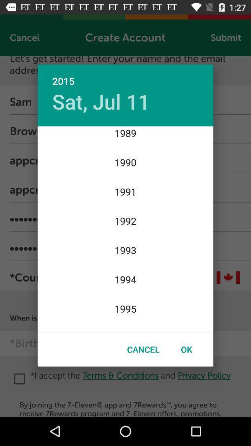 This screenshot has width=251, height=446. Describe the element at coordinates (100, 101) in the screenshot. I see `the sat, jul 11 icon` at that location.